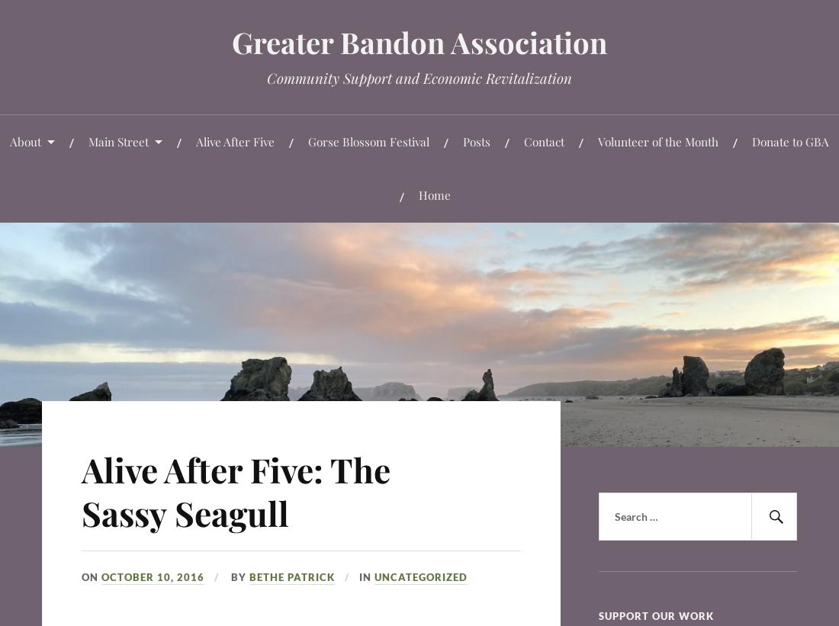 The height and width of the screenshot is (626, 839). What do you see at coordinates (237, 575) in the screenshot?
I see `'By'` at bounding box center [237, 575].